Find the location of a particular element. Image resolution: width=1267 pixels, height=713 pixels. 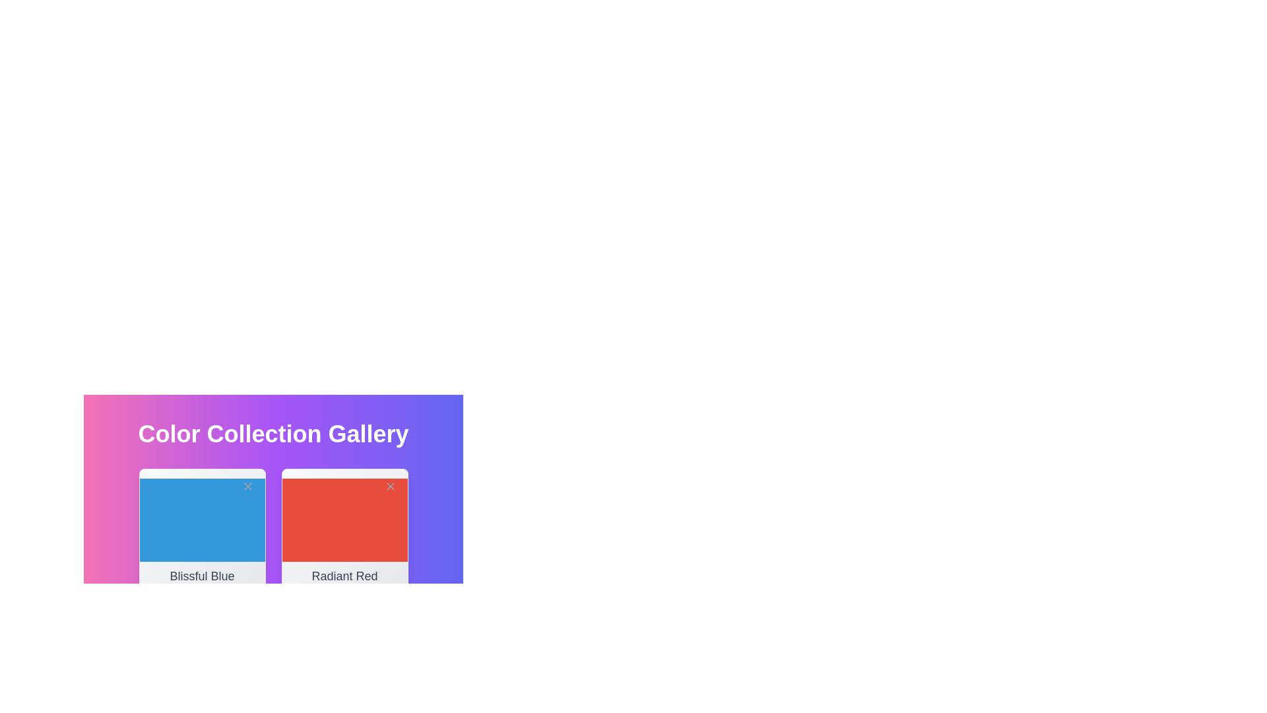

the Textual Header, which serves as the title or header for the color collection is located at coordinates (273, 434).